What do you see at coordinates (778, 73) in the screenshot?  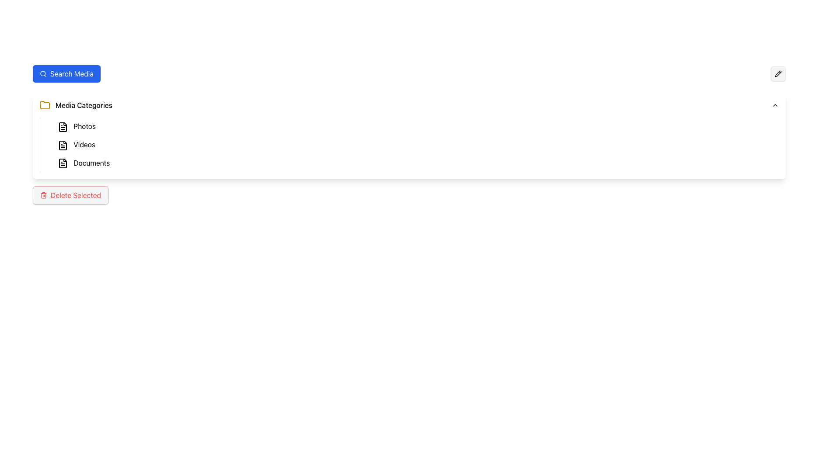 I see `the small rectangular button with a light gray background and a pencil-shaped icon located in the top-right corner of the interface` at bounding box center [778, 73].